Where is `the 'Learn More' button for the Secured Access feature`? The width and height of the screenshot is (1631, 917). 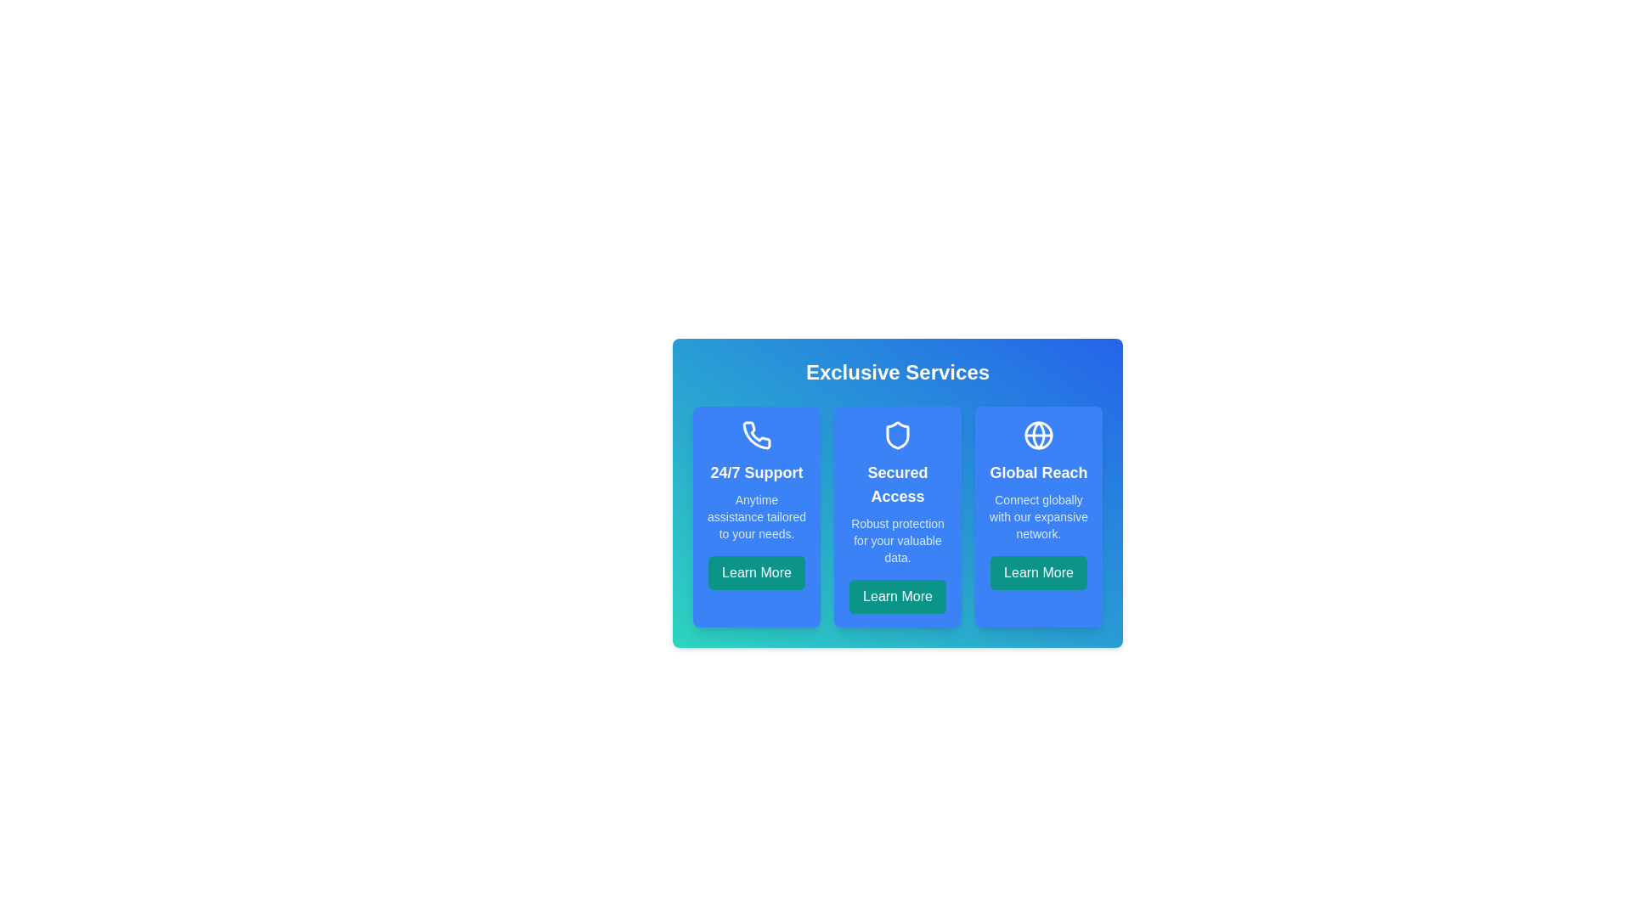 the 'Learn More' button for the Secured Access feature is located at coordinates (896, 595).